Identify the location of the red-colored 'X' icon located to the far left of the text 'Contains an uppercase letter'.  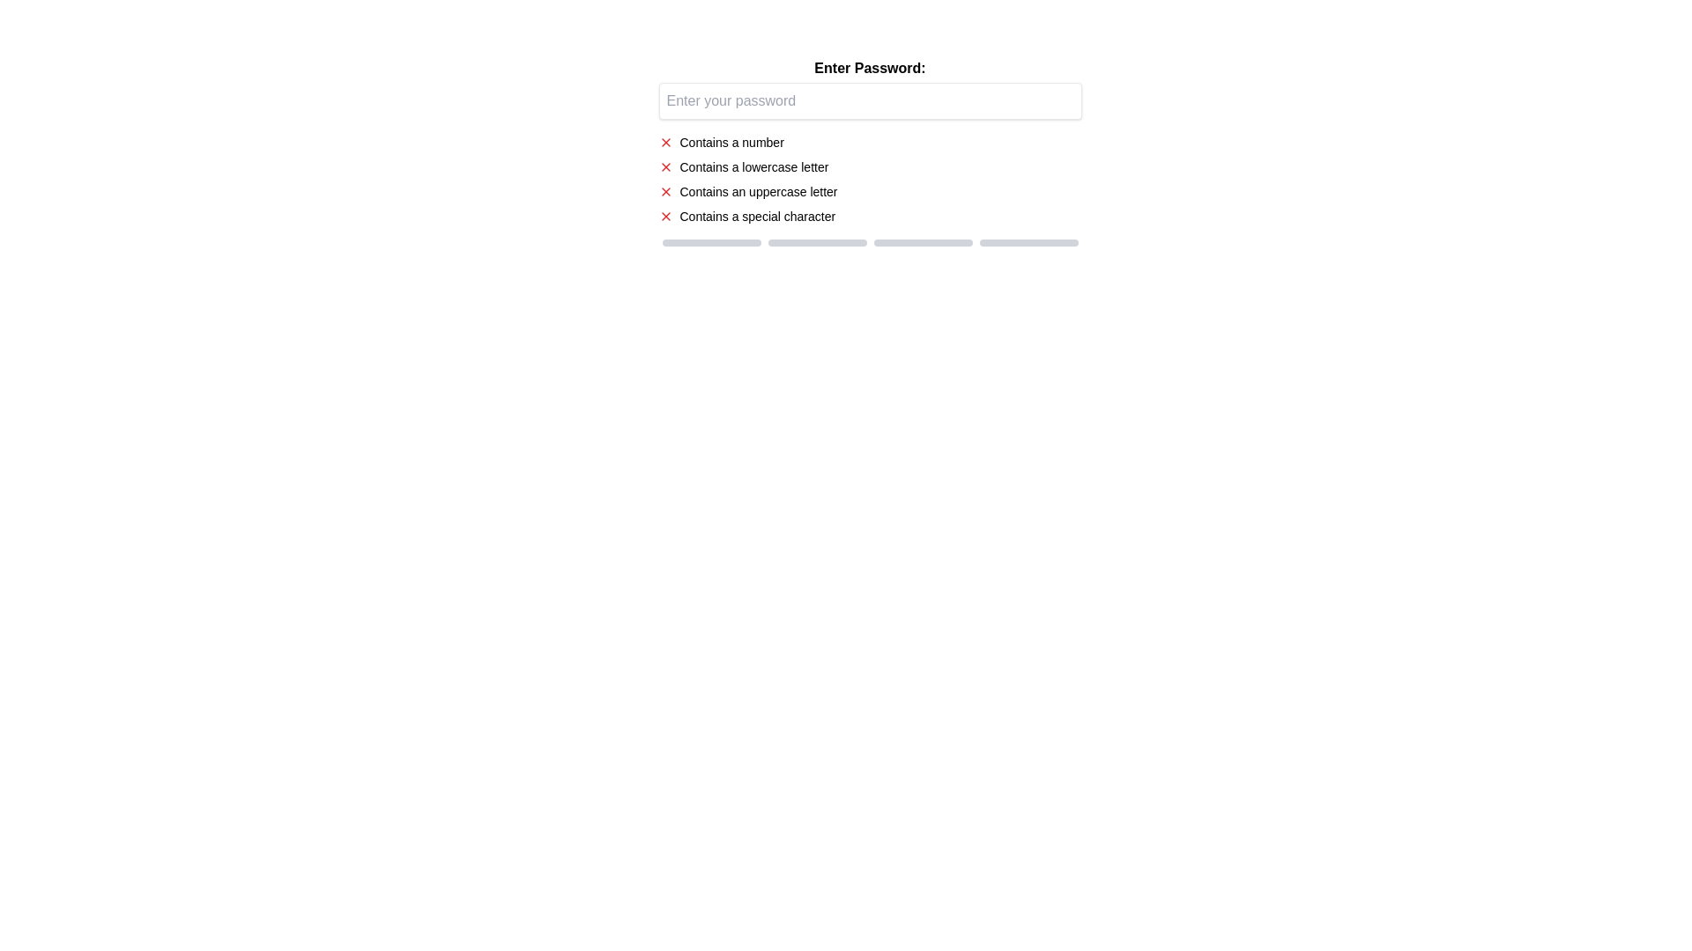
(664, 192).